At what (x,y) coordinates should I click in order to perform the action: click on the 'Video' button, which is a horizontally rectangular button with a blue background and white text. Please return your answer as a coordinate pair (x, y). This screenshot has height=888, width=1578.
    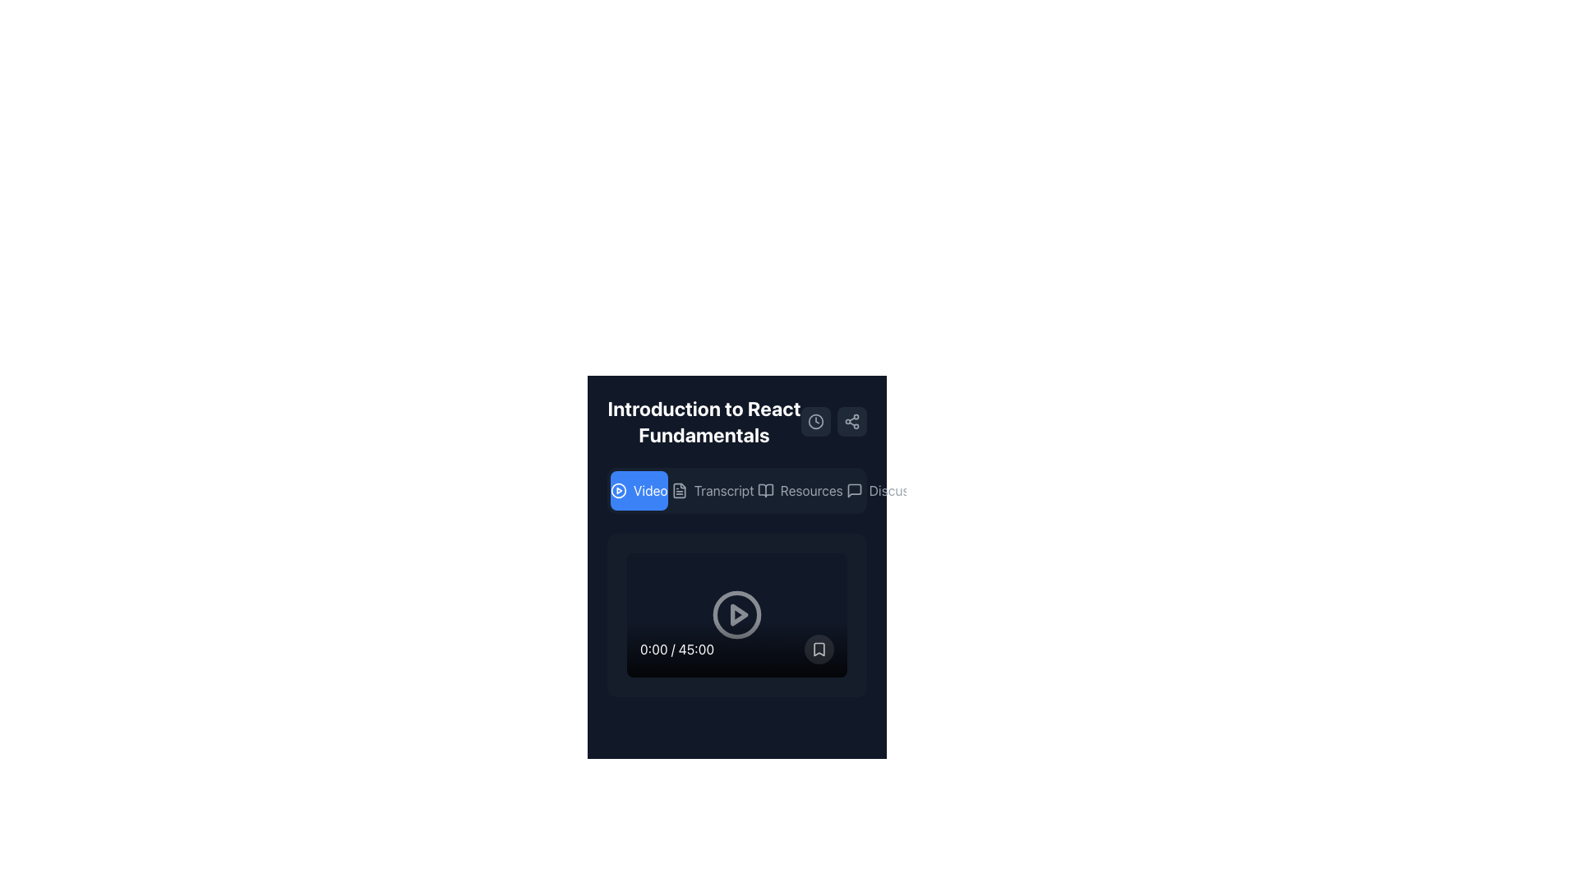
    Looking at the image, I should click on (638, 490).